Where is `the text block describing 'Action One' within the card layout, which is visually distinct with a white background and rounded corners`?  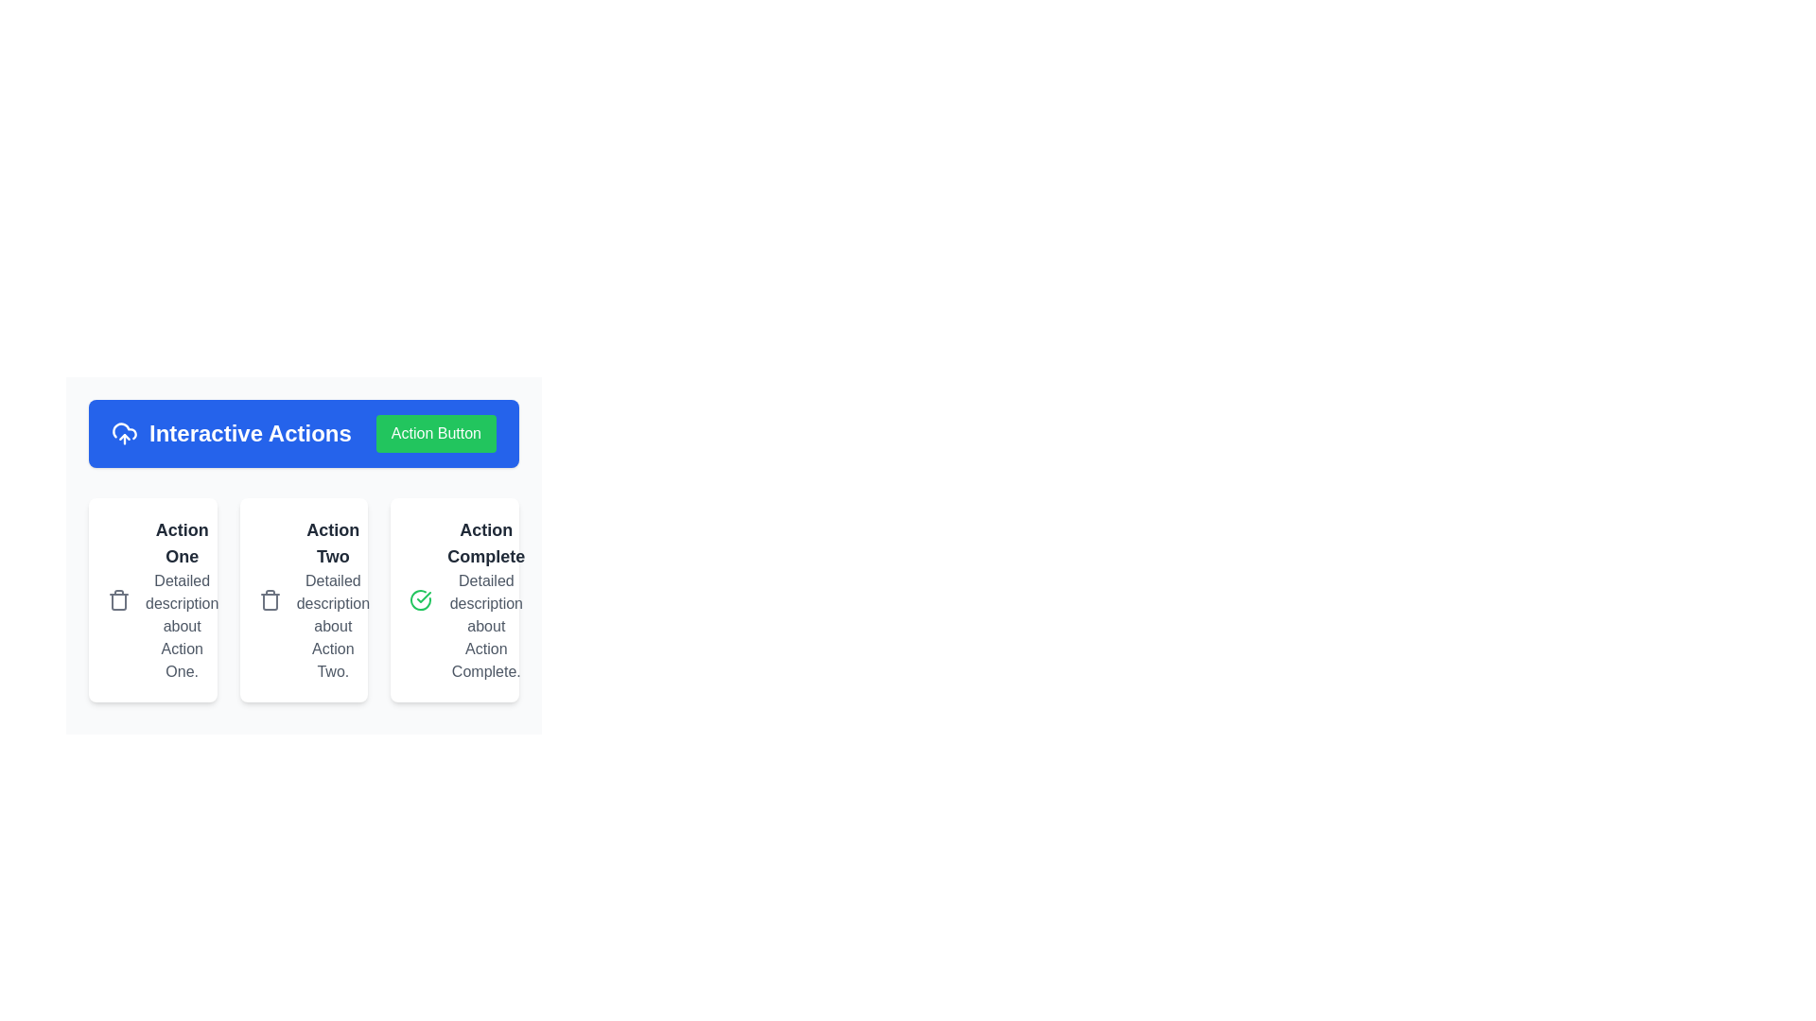 the text block describing 'Action One' within the card layout, which is visually distinct with a white background and rounded corners is located at coordinates (182, 600).